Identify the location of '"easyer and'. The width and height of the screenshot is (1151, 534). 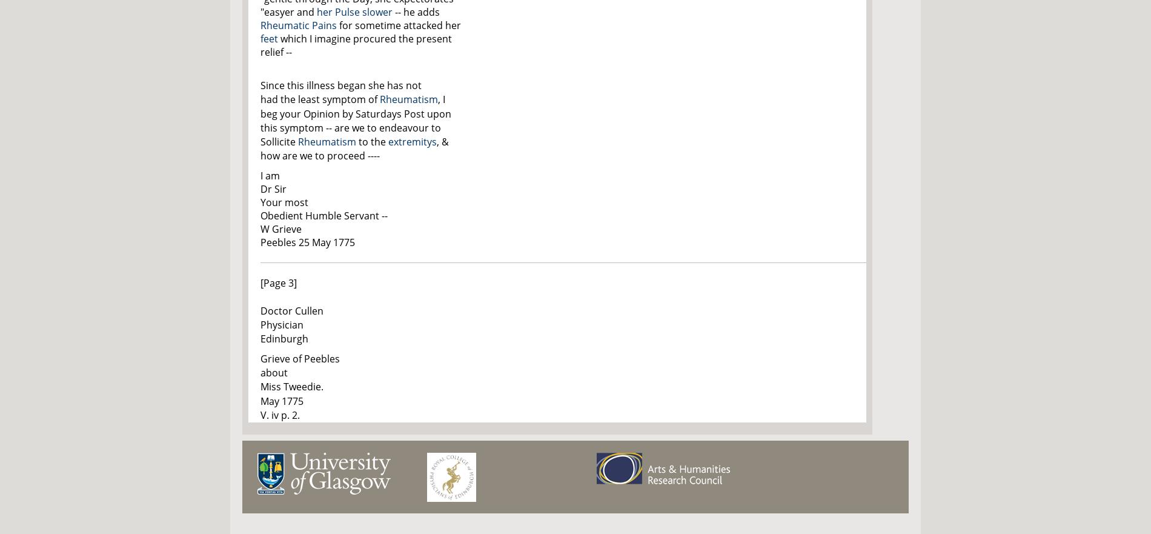
(288, 11).